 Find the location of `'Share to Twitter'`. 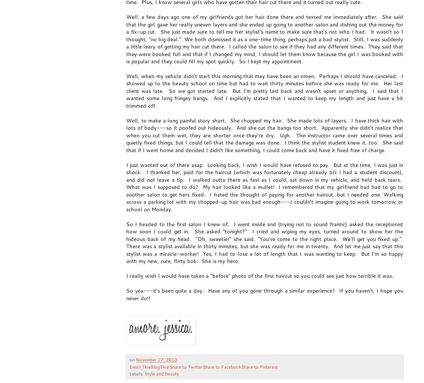

'Share to Twitter' is located at coordinates (186, 366).